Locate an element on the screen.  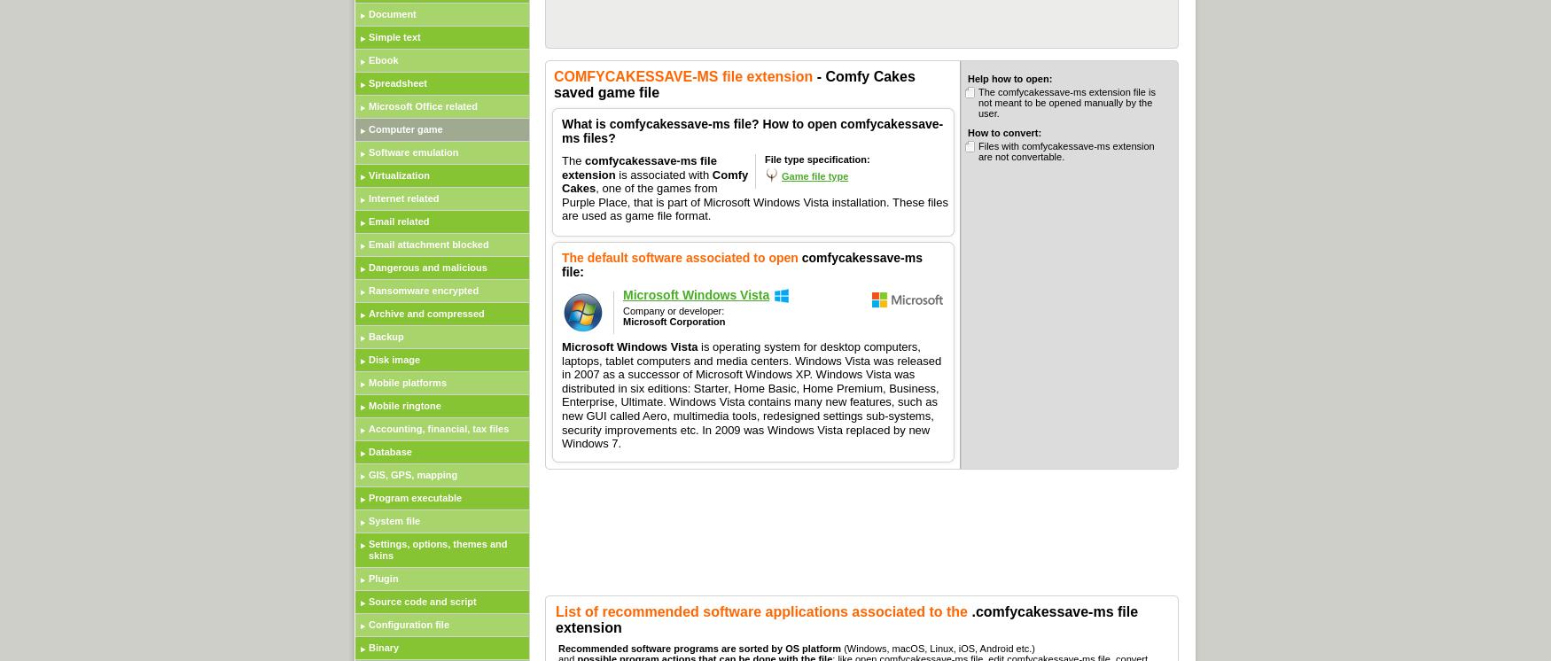
'is operating system for desktop computers, laptops, tablet computers and media centers. Windows Vista was released in 2007 as a successor of Microsoft Windows XP. Windows Vista was distributed in six editions: Starter, Home Basic, Home Premium, Business, Enterprise, Ultimate. Windows Vista contains many new features, such as new GUI called Aero, multimedia tools, redesigned settings sub-systems, security improvements etc. In 2009 was Windows Vista replaced by new Windows 7.' is located at coordinates (752, 393).